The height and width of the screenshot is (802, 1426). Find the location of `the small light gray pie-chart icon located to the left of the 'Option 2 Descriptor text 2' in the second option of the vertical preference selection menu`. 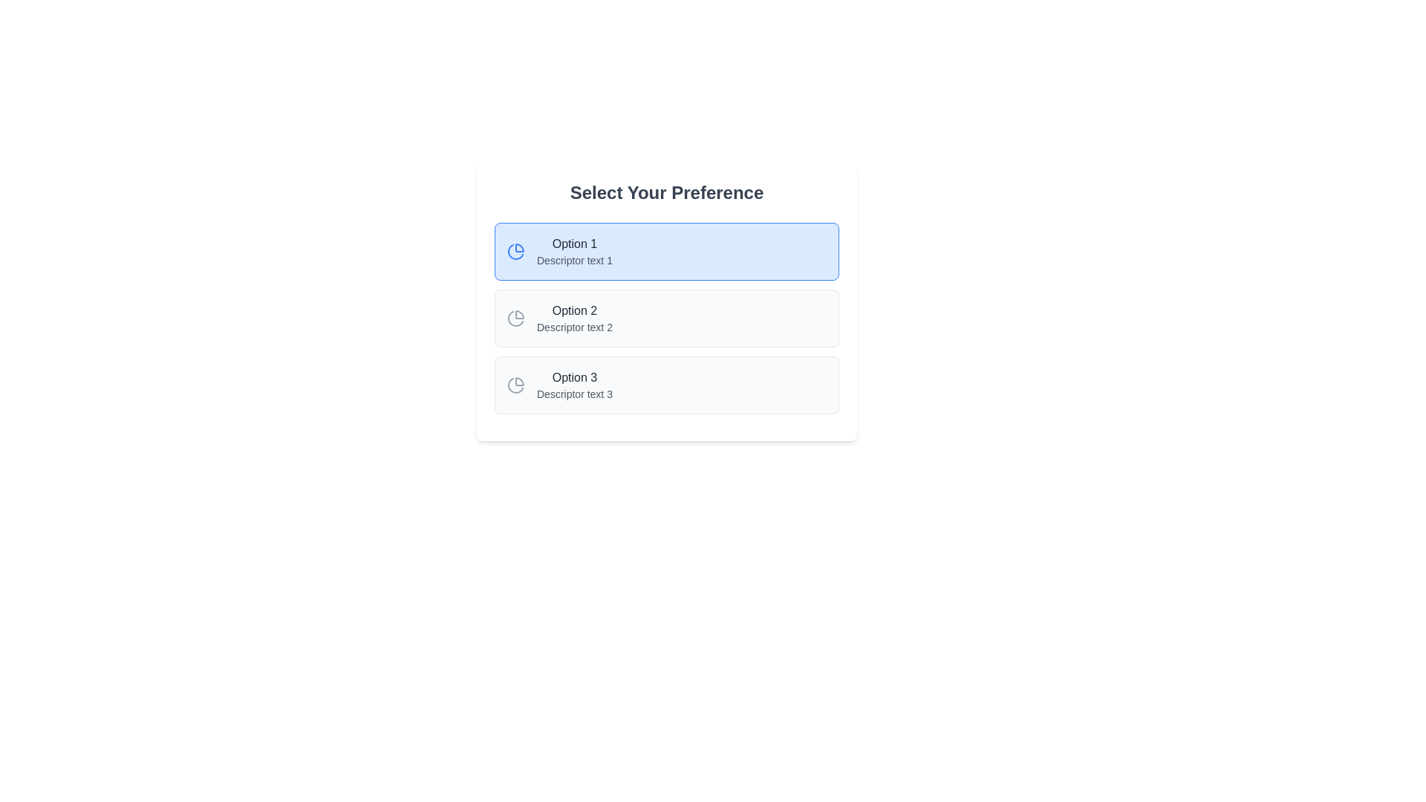

the small light gray pie-chart icon located to the left of the 'Option 2 Descriptor text 2' in the second option of the vertical preference selection menu is located at coordinates (516, 317).